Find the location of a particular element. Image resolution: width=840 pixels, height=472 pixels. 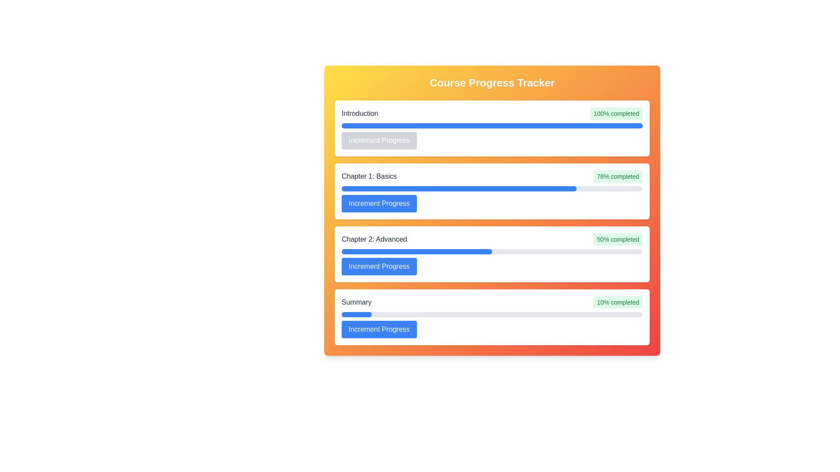

the Progress Badge located in the 'Summary' section, which has a green background and displays '10% completed' is located at coordinates (617, 302).